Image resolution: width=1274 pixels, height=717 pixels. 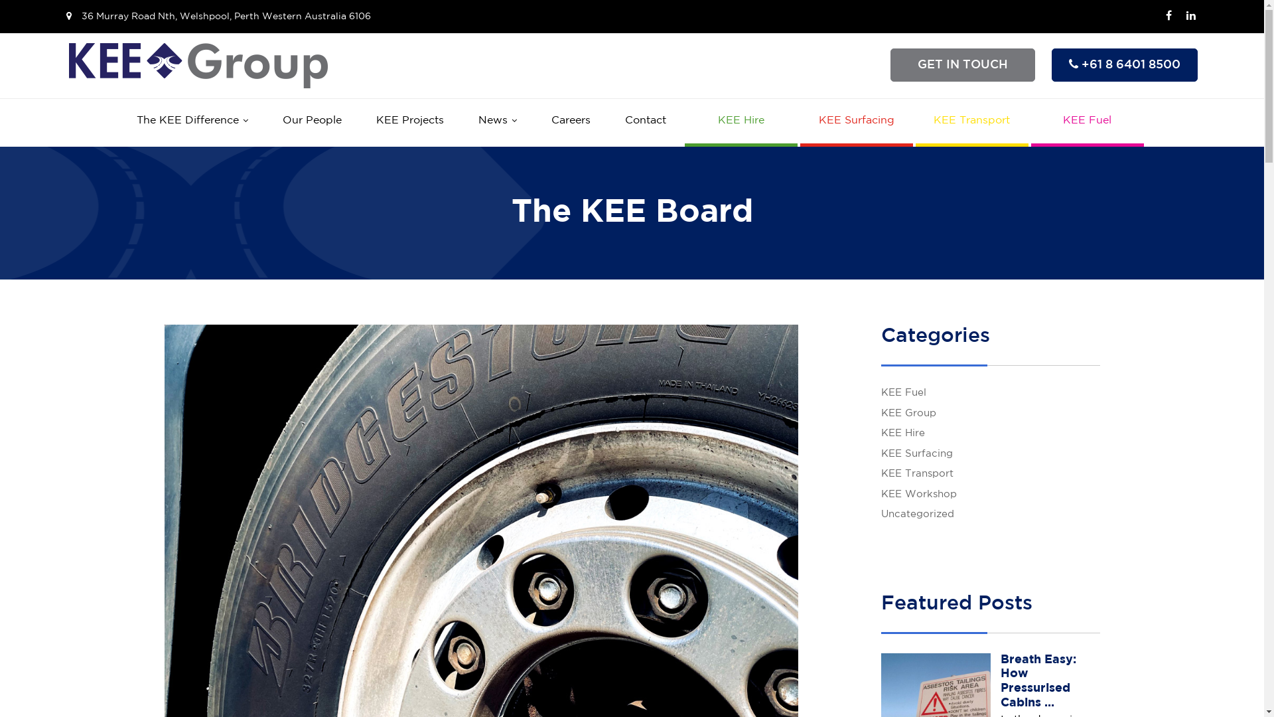 What do you see at coordinates (570, 120) in the screenshot?
I see `'Careers'` at bounding box center [570, 120].